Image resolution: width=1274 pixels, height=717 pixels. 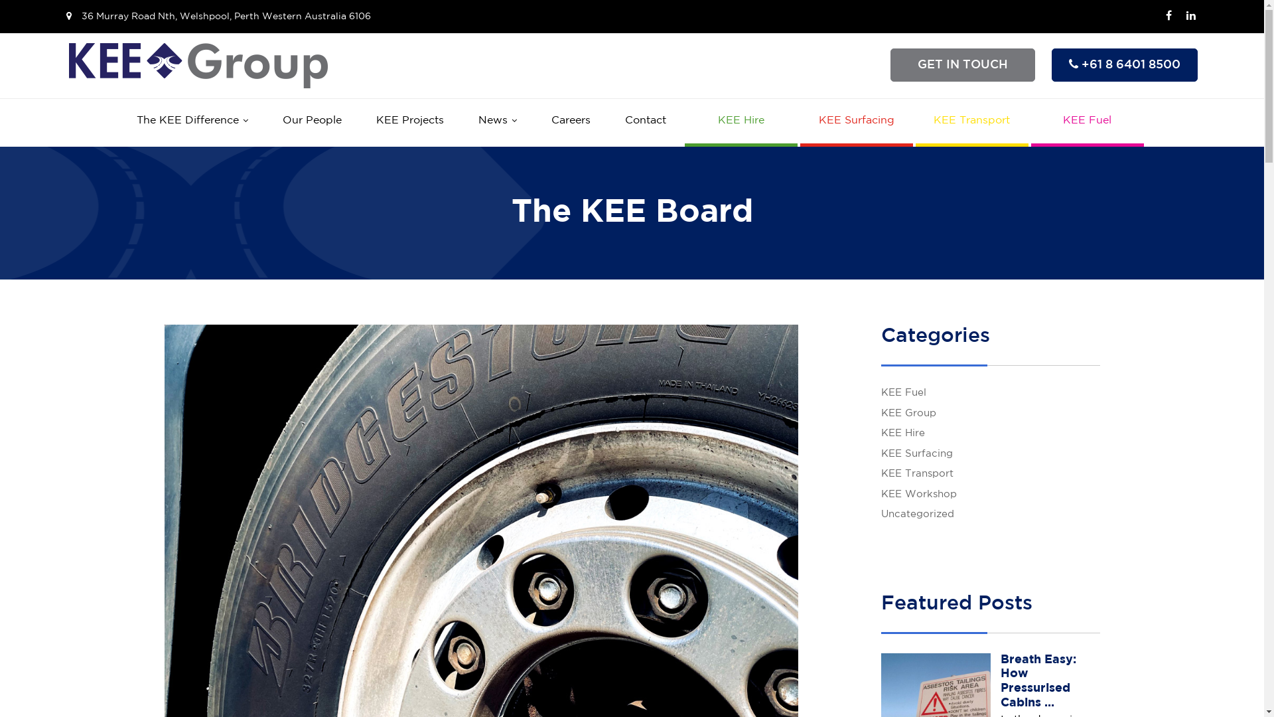 What do you see at coordinates (570, 120) in the screenshot?
I see `'Careers'` at bounding box center [570, 120].